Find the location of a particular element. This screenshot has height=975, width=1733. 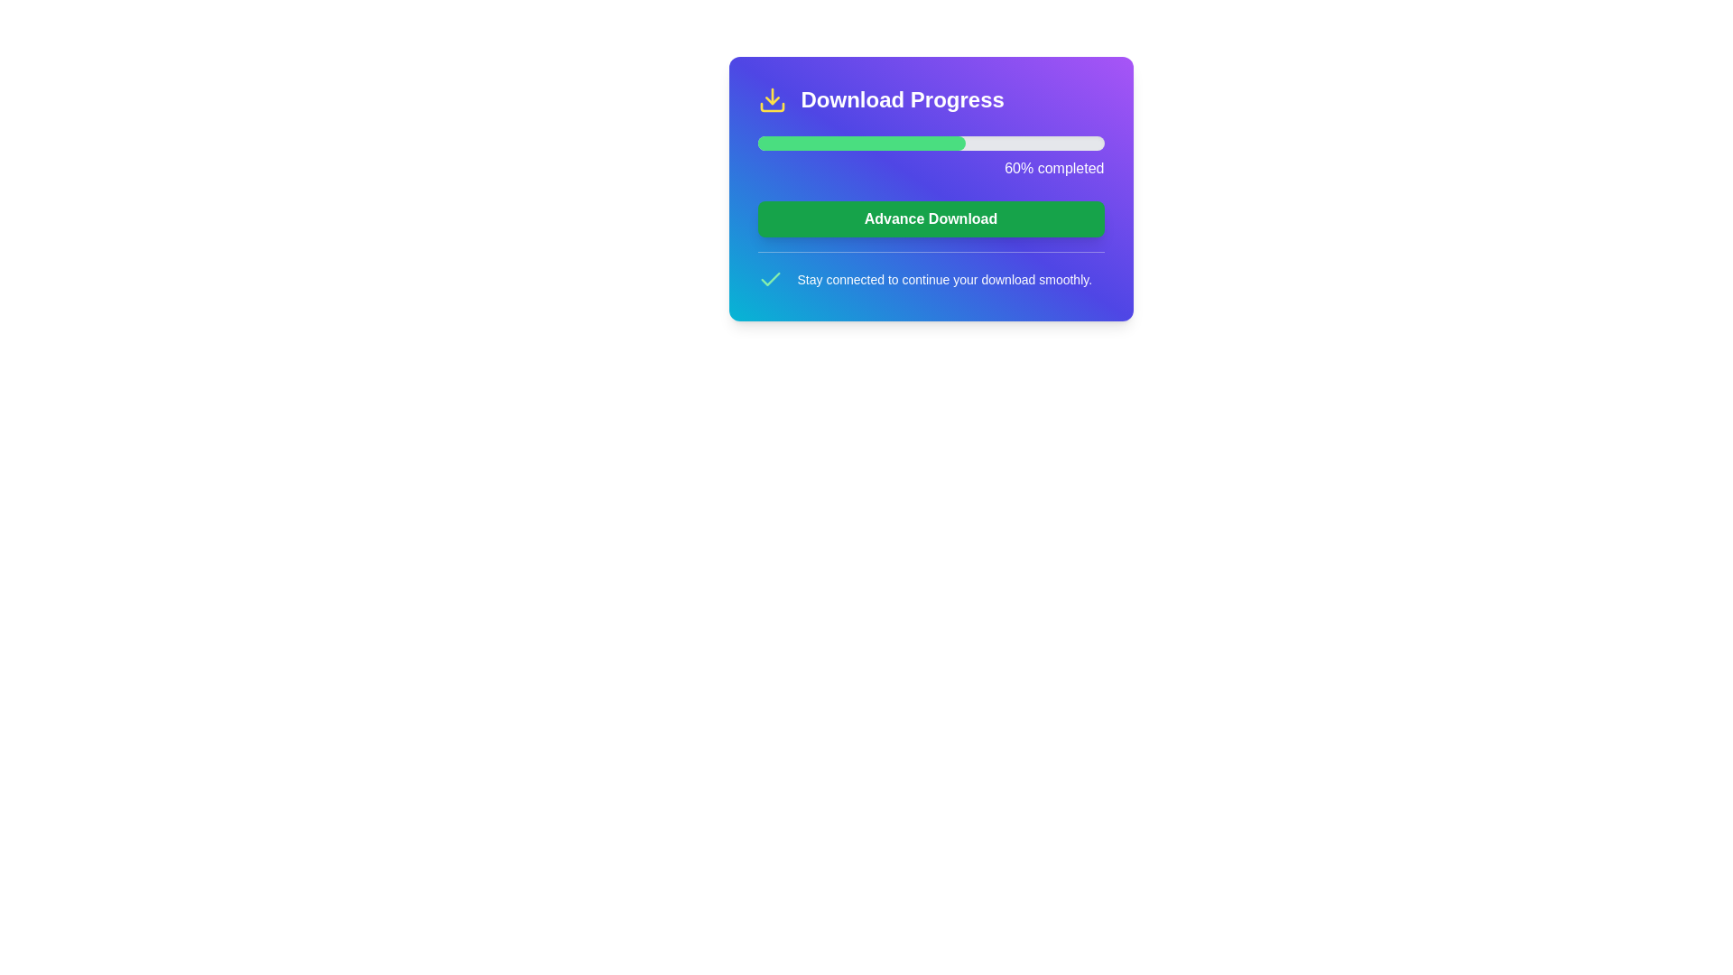

the visual confirmation icon (SVG) located to the left of the text 'Stay connected to continue your download smoothly' is located at coordinates (770, 279).